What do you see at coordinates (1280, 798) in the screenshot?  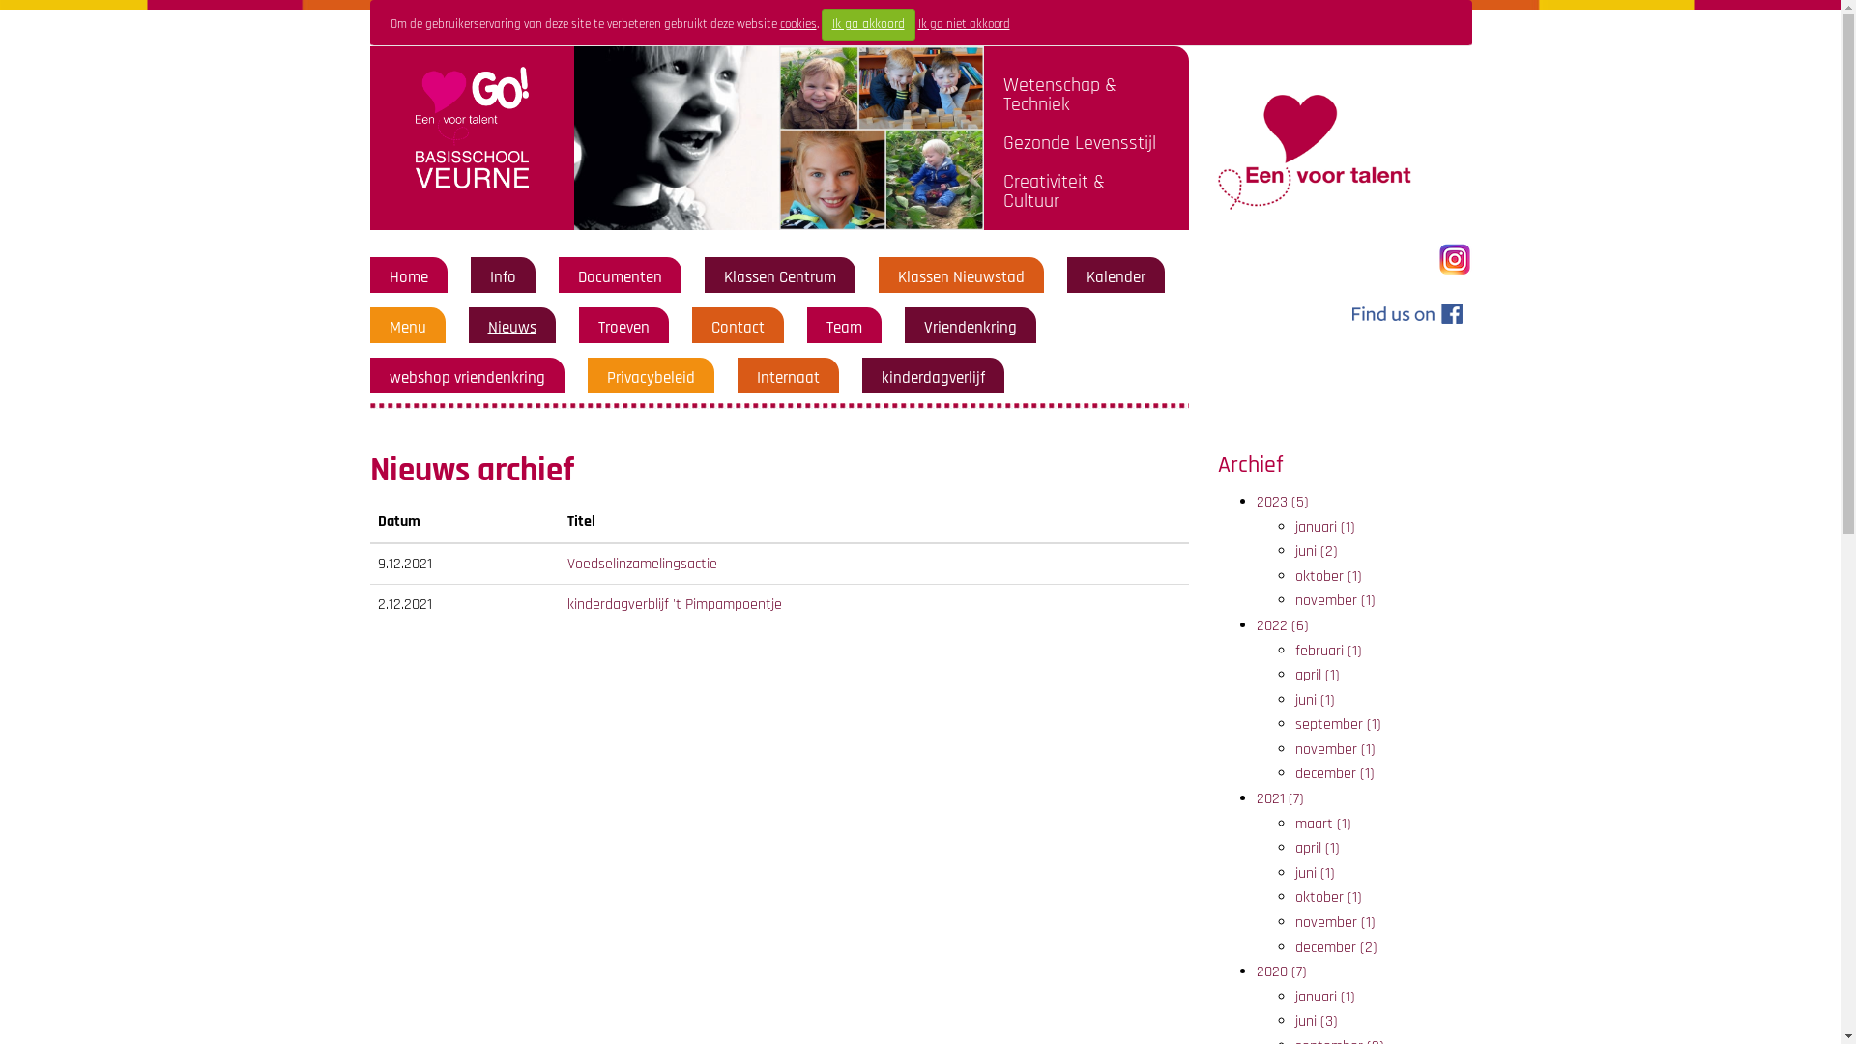 I see `'2021 (7)'` at bounding box center [1280, 798].